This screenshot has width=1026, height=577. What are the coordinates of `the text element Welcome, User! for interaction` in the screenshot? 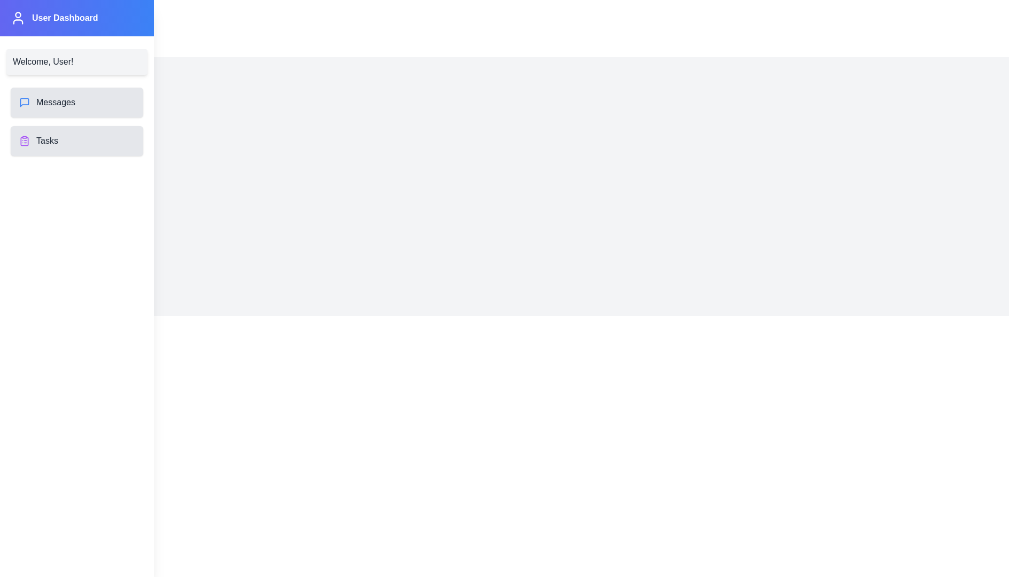 It's located at (43, 61).